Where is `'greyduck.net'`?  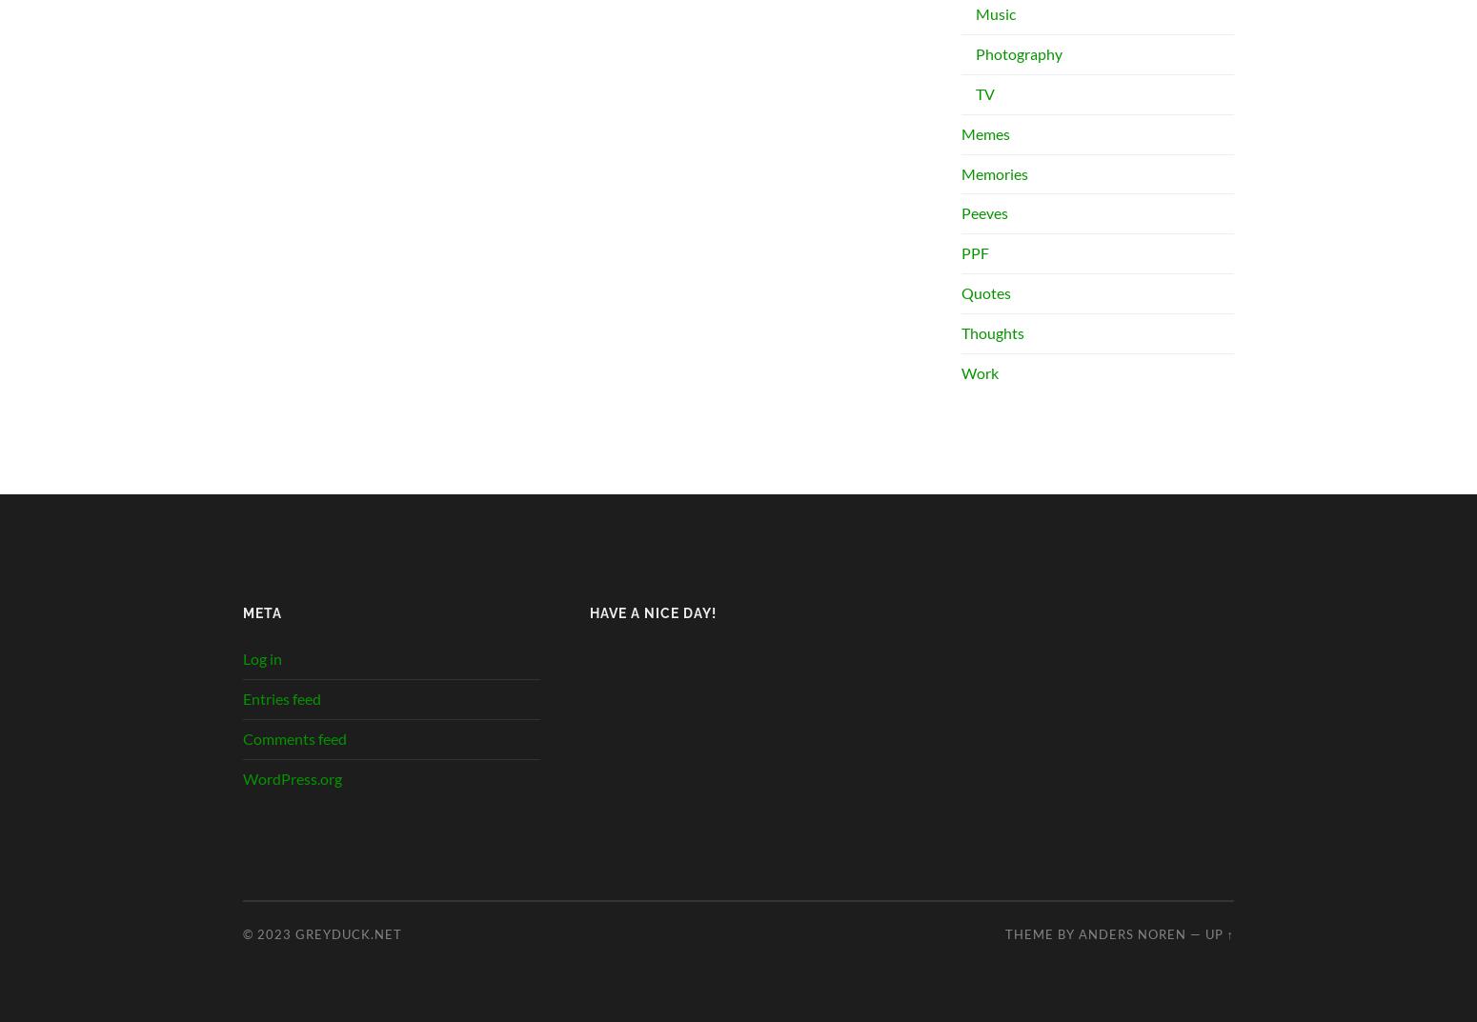
'greyduck.net' is located at coordinates (347, 932).